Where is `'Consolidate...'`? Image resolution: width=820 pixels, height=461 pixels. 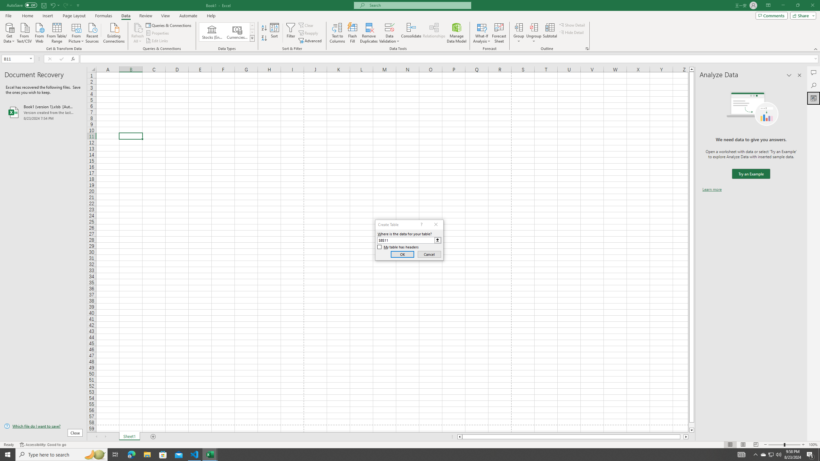
'Consolidate...' is located at coordinates (411, 33).